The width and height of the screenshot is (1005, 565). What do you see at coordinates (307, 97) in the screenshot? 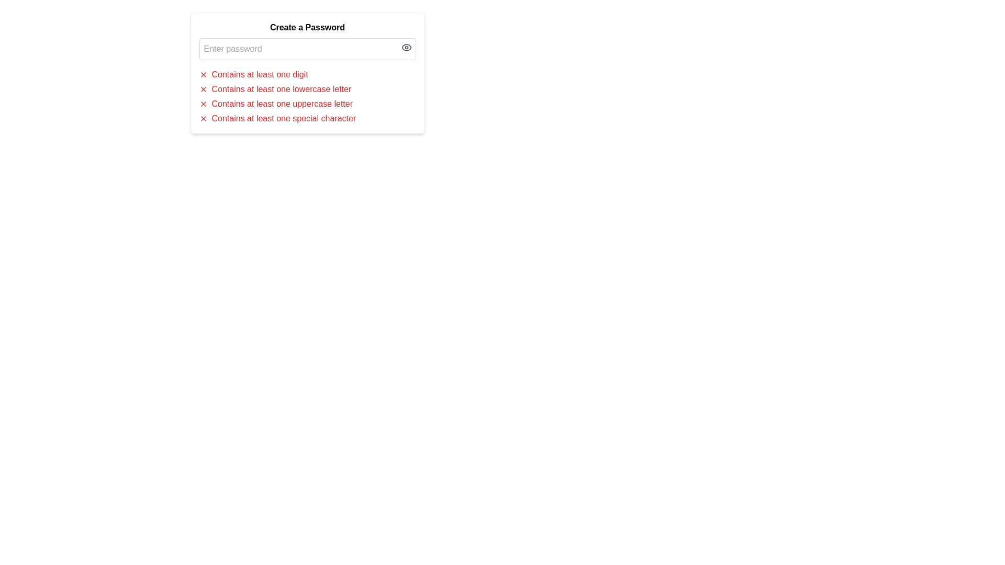
I see `the List of validation messages to correct the input requirements, indicated by red text and 'X' icons, located below the 'Create a Password' header` at bounding box center [307, 97].